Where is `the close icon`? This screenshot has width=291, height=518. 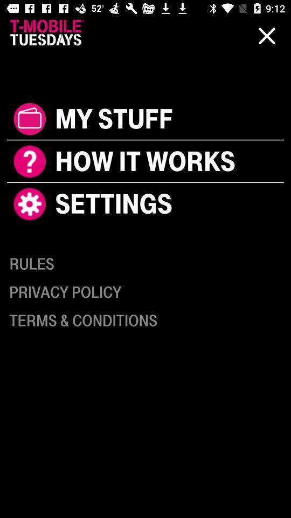 the close icon is located at coordinates (266, 36).